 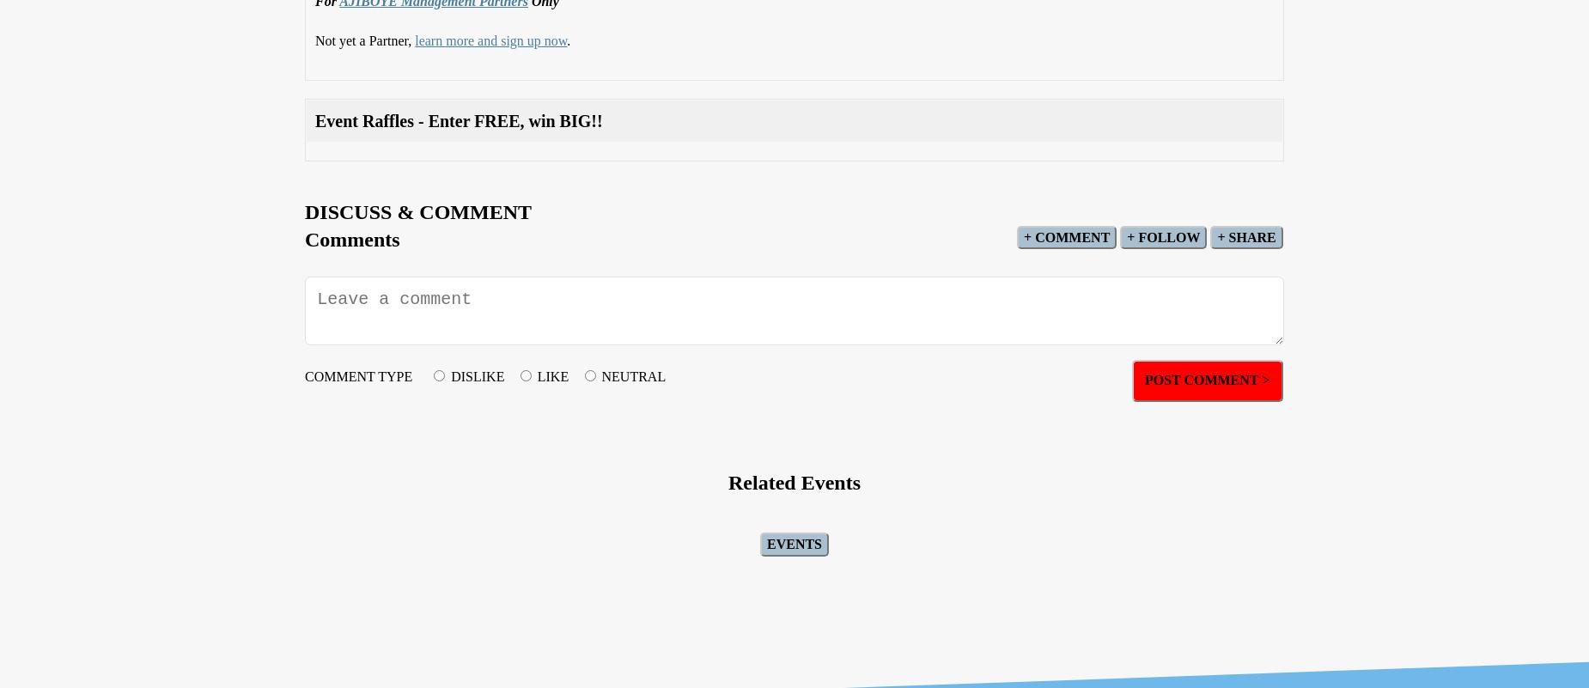 I want to click on '.', so click(x=568, y=39).